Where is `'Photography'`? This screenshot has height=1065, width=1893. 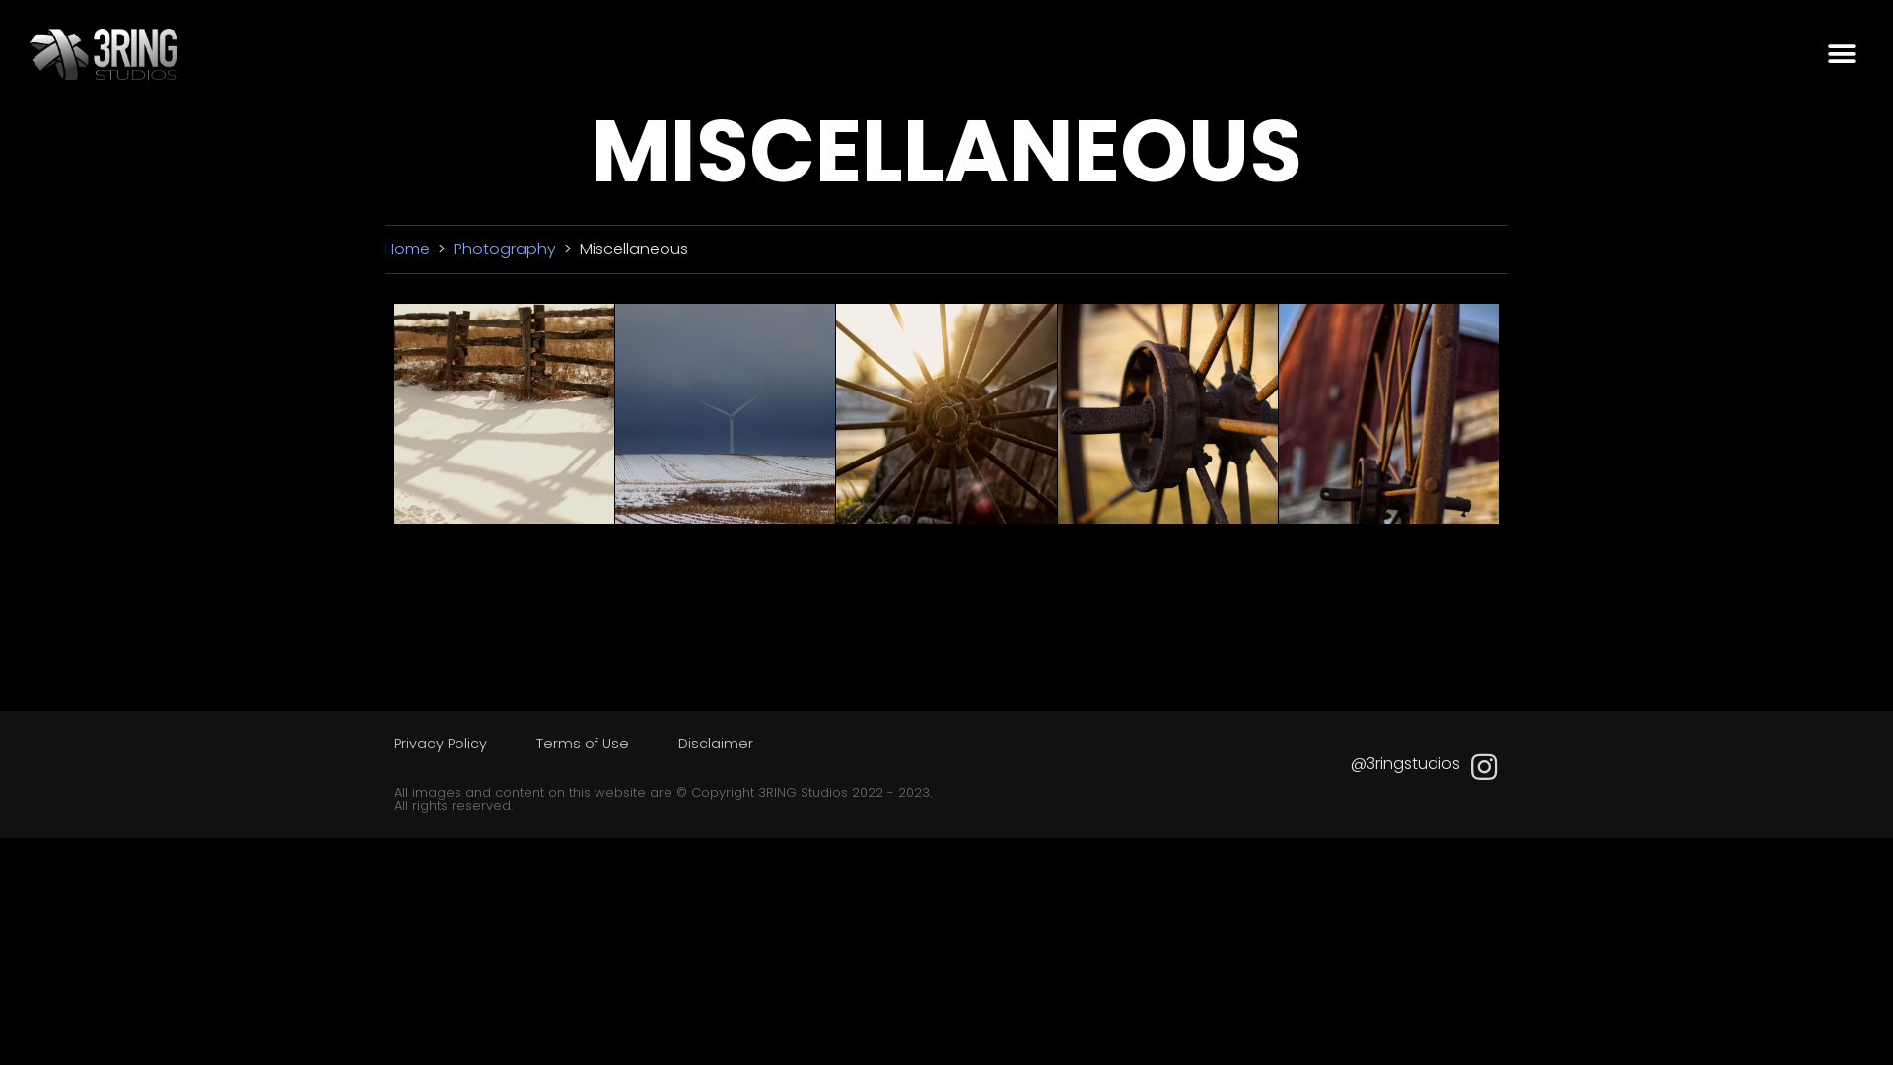
'Photography' is located at coordinates (506, 248).